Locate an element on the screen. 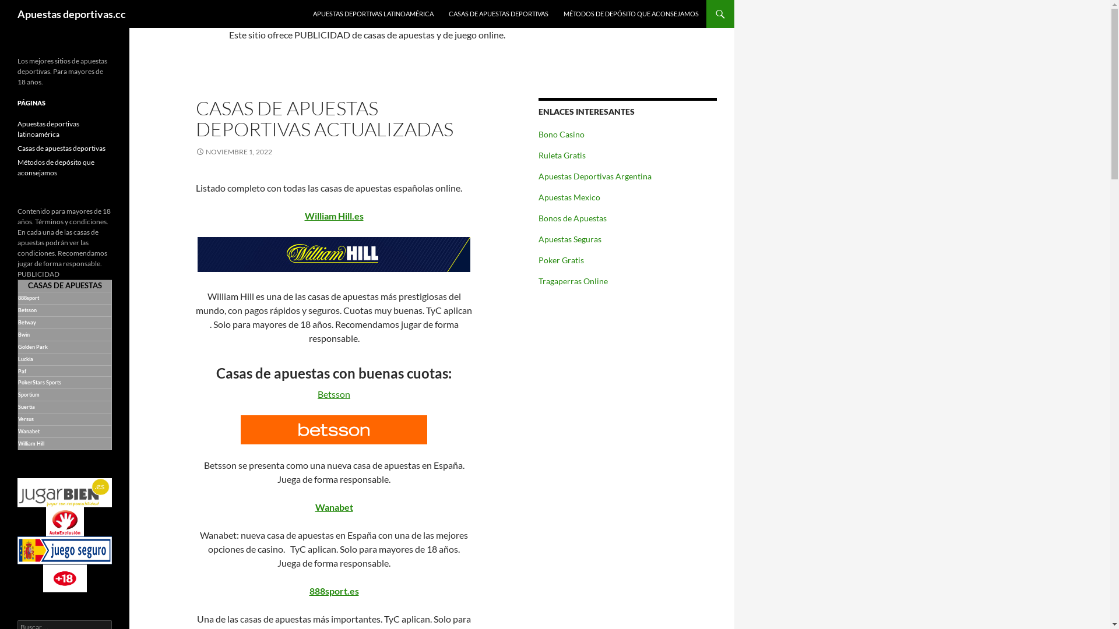  'NOVIEMBRE 1, 2022' is located at coordinates (196, 151).